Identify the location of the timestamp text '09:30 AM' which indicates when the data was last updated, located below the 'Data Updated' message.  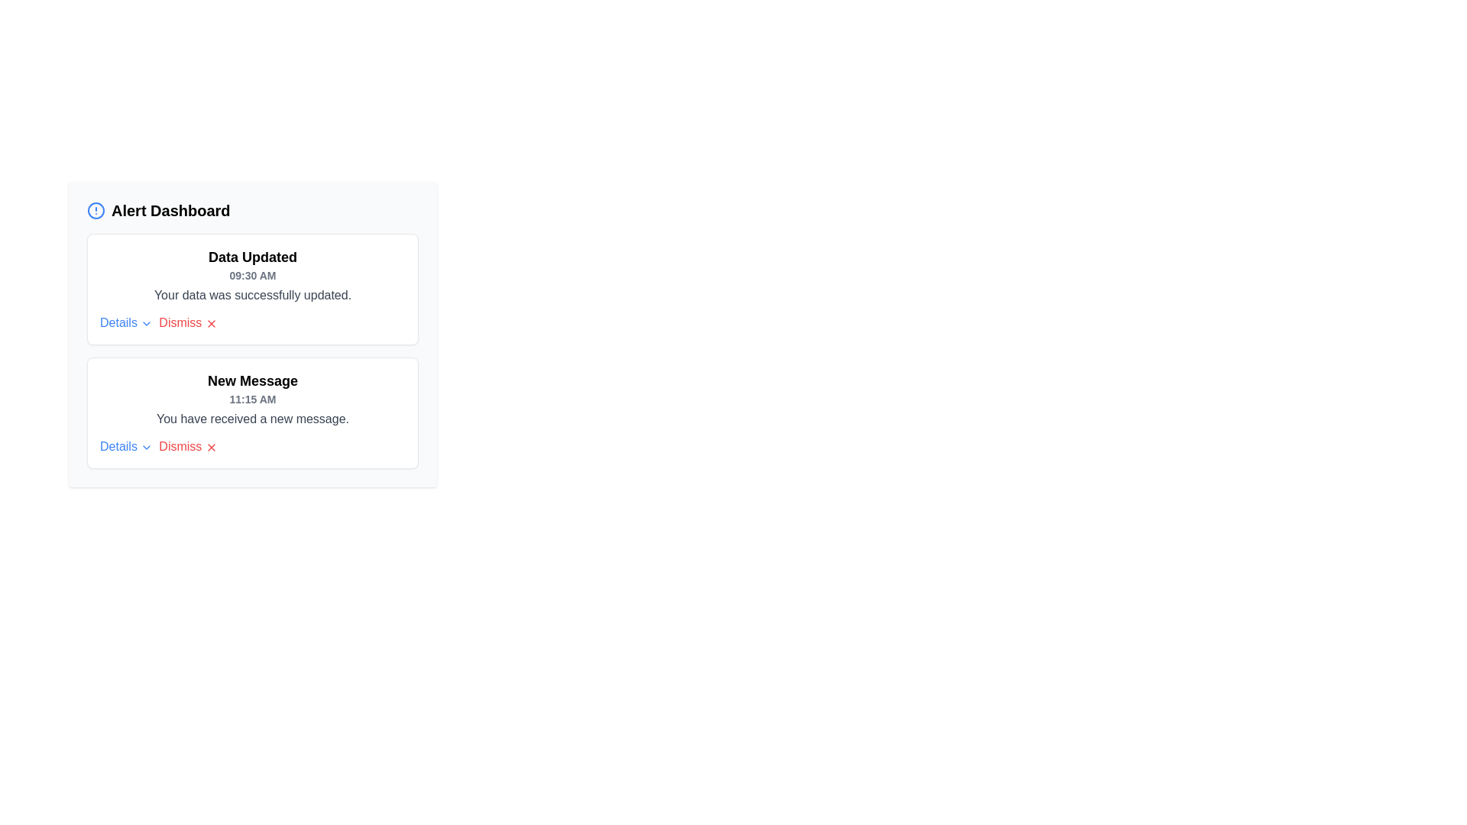
(253, 276).